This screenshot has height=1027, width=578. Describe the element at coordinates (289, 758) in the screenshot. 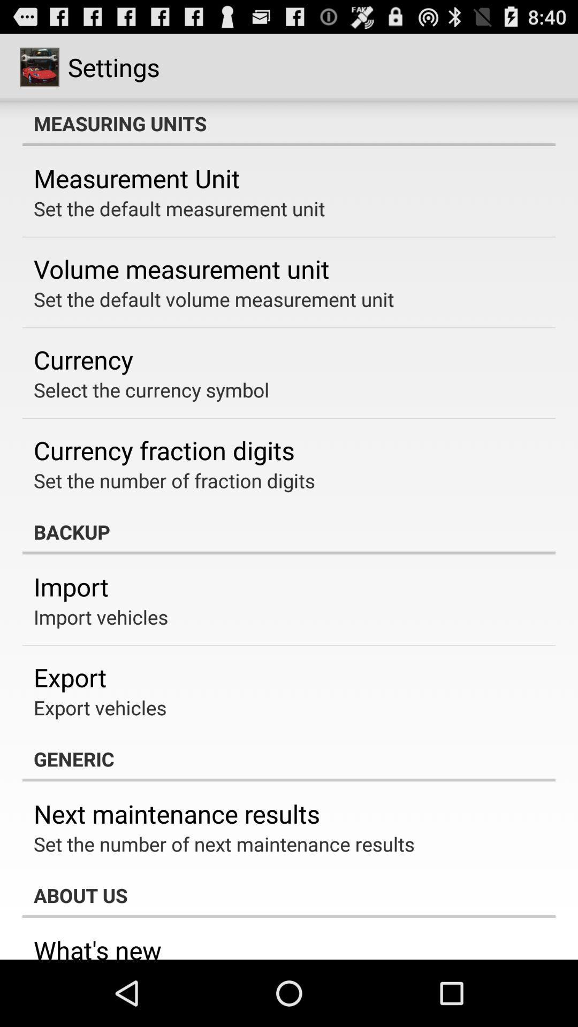

I see `the icon below the export vehicles` at that location.